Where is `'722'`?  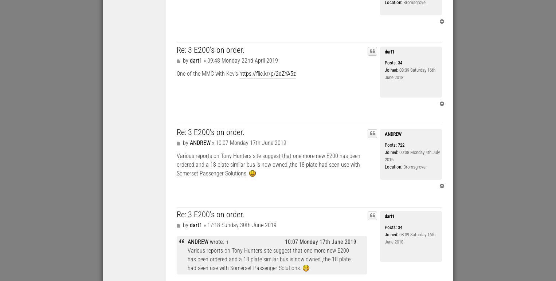
'722' is located at coordinates (400, 145).